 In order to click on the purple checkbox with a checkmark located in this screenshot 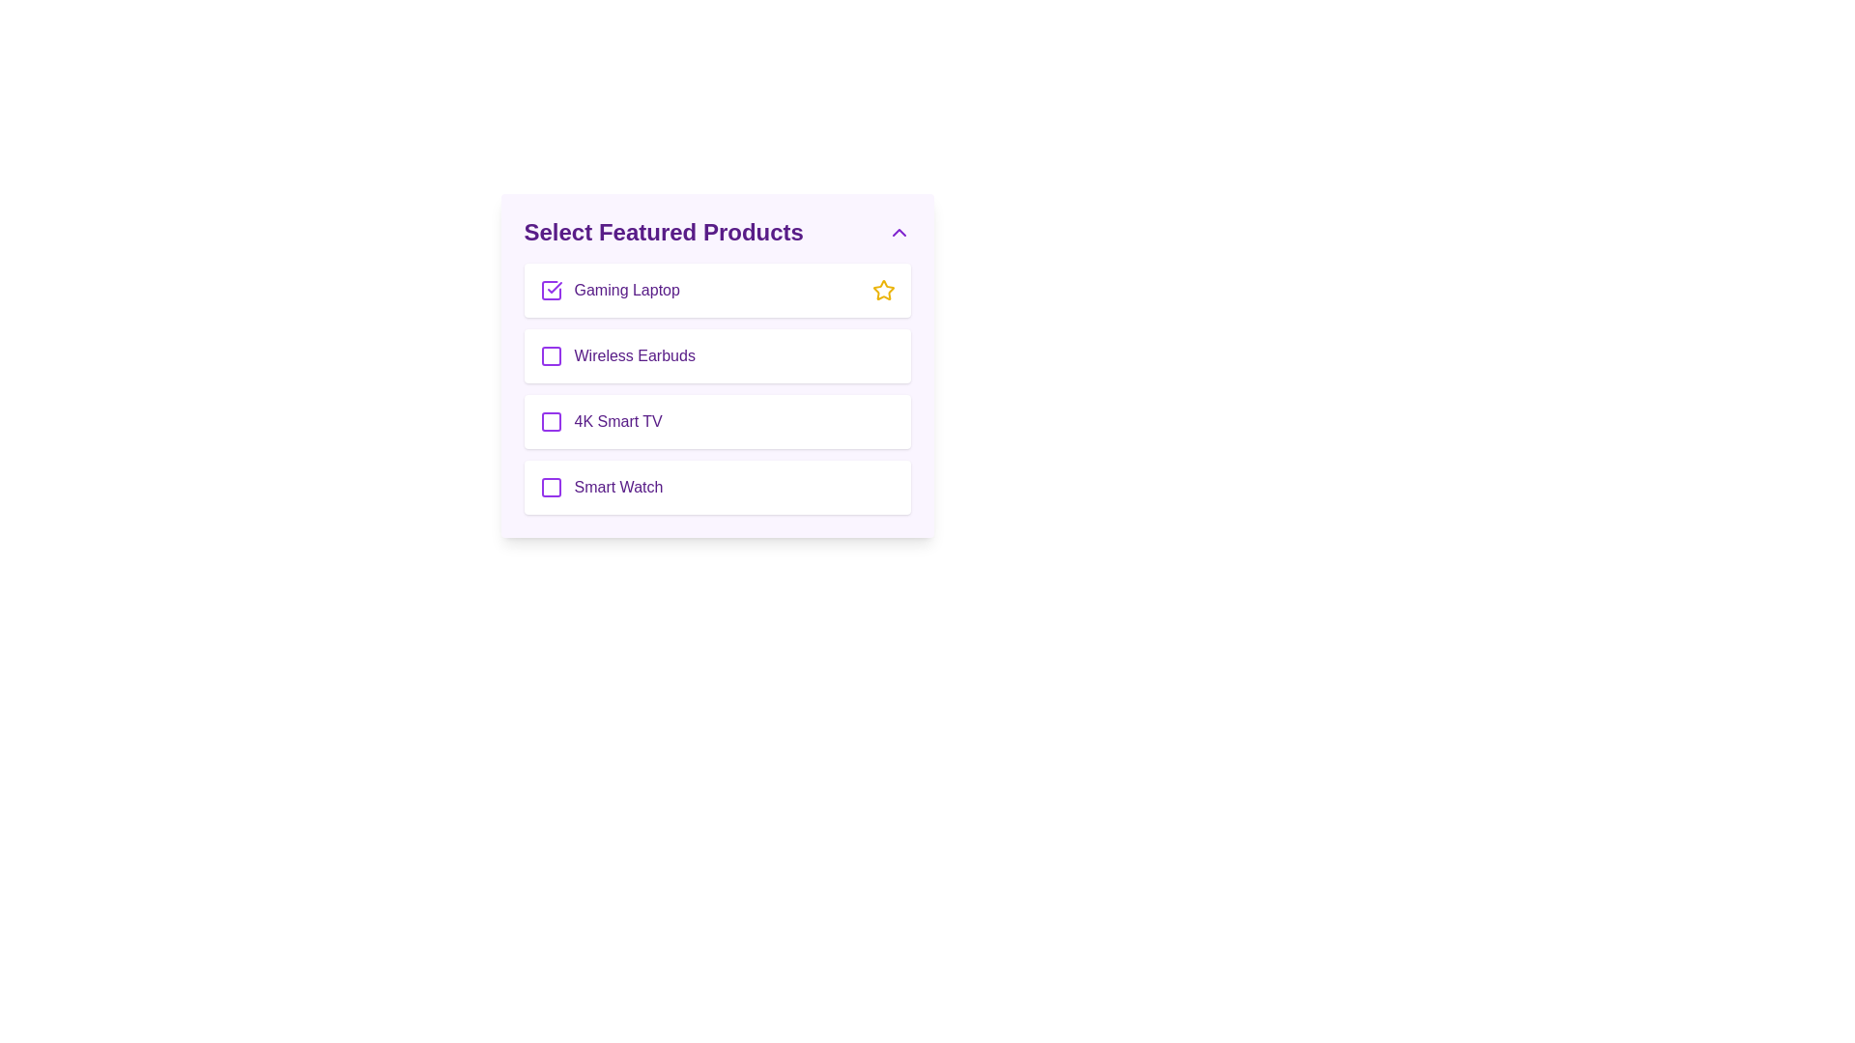, I will do `click(550, 290)`.